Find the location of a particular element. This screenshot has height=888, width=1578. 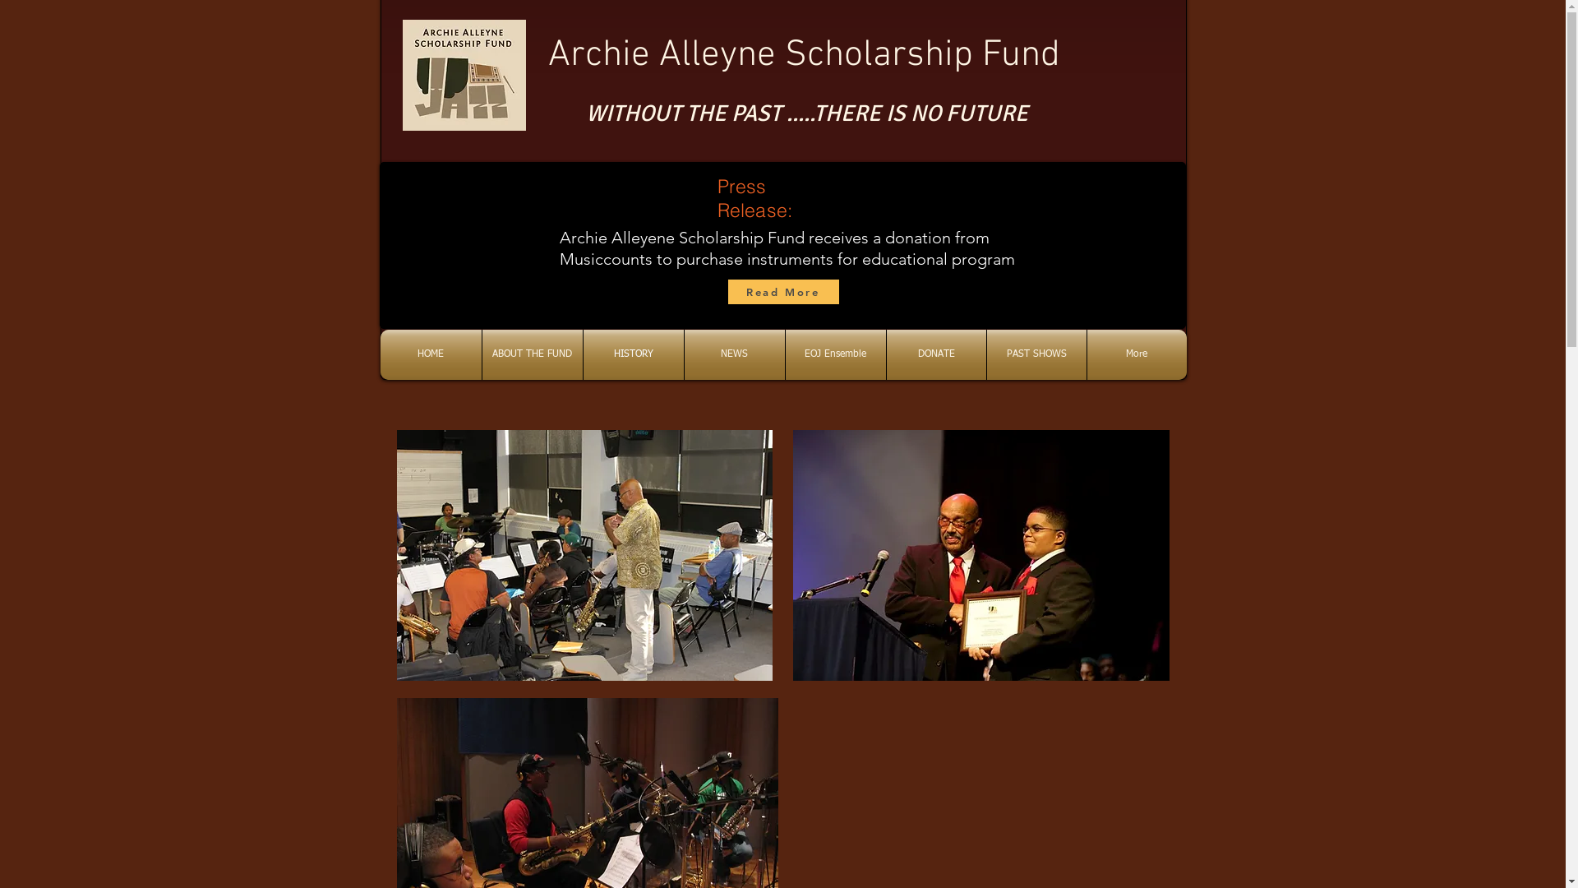

'HISTORY' is located at coordinates (633, 354).